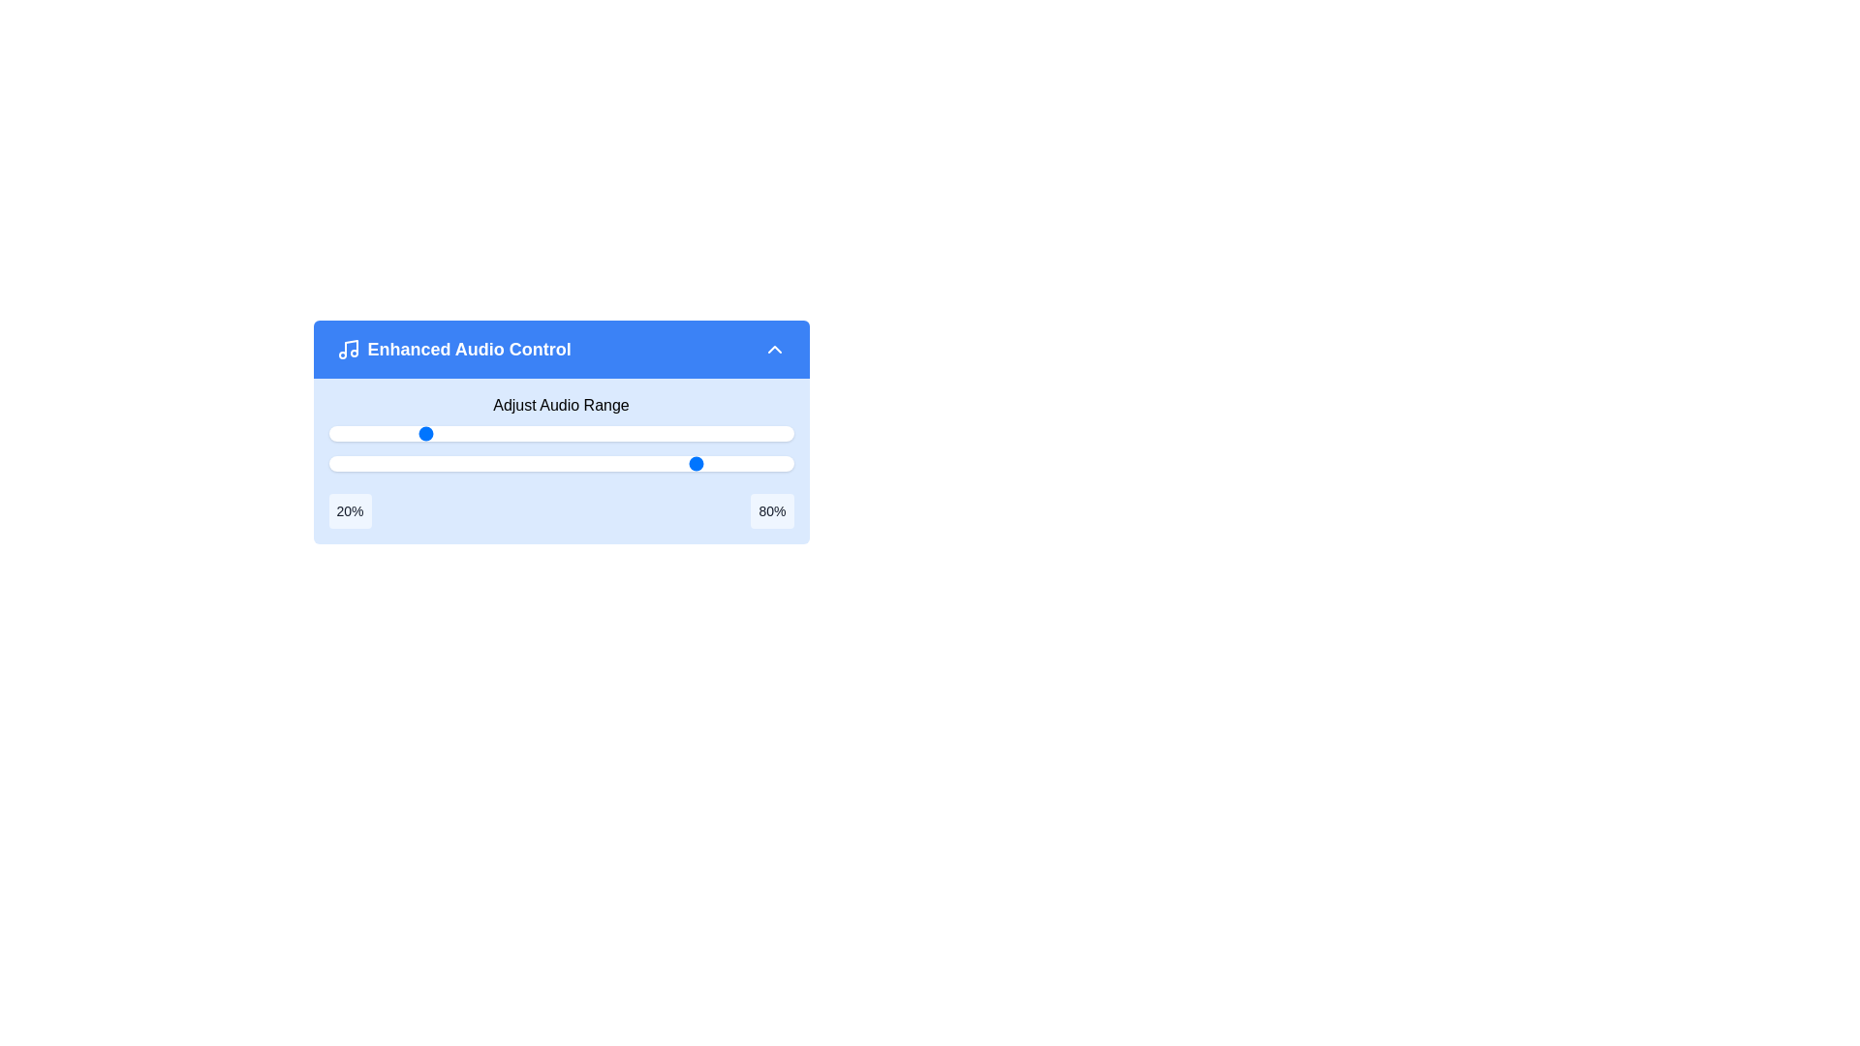 This screenshot has height=1046, width=1860. What do you see at coordinates (356, 432) in the screenshot?
I see `the slider value` at bounding box center [356, 432].